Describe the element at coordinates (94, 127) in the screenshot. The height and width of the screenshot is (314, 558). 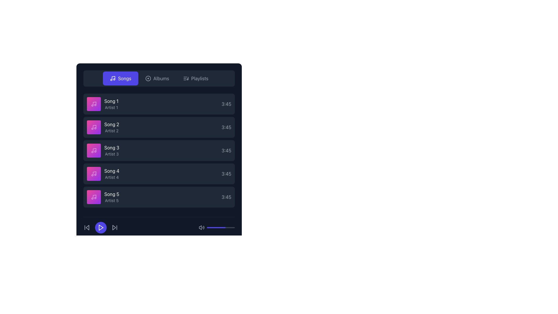
I see `the music note icon, which is the second item` at that location.